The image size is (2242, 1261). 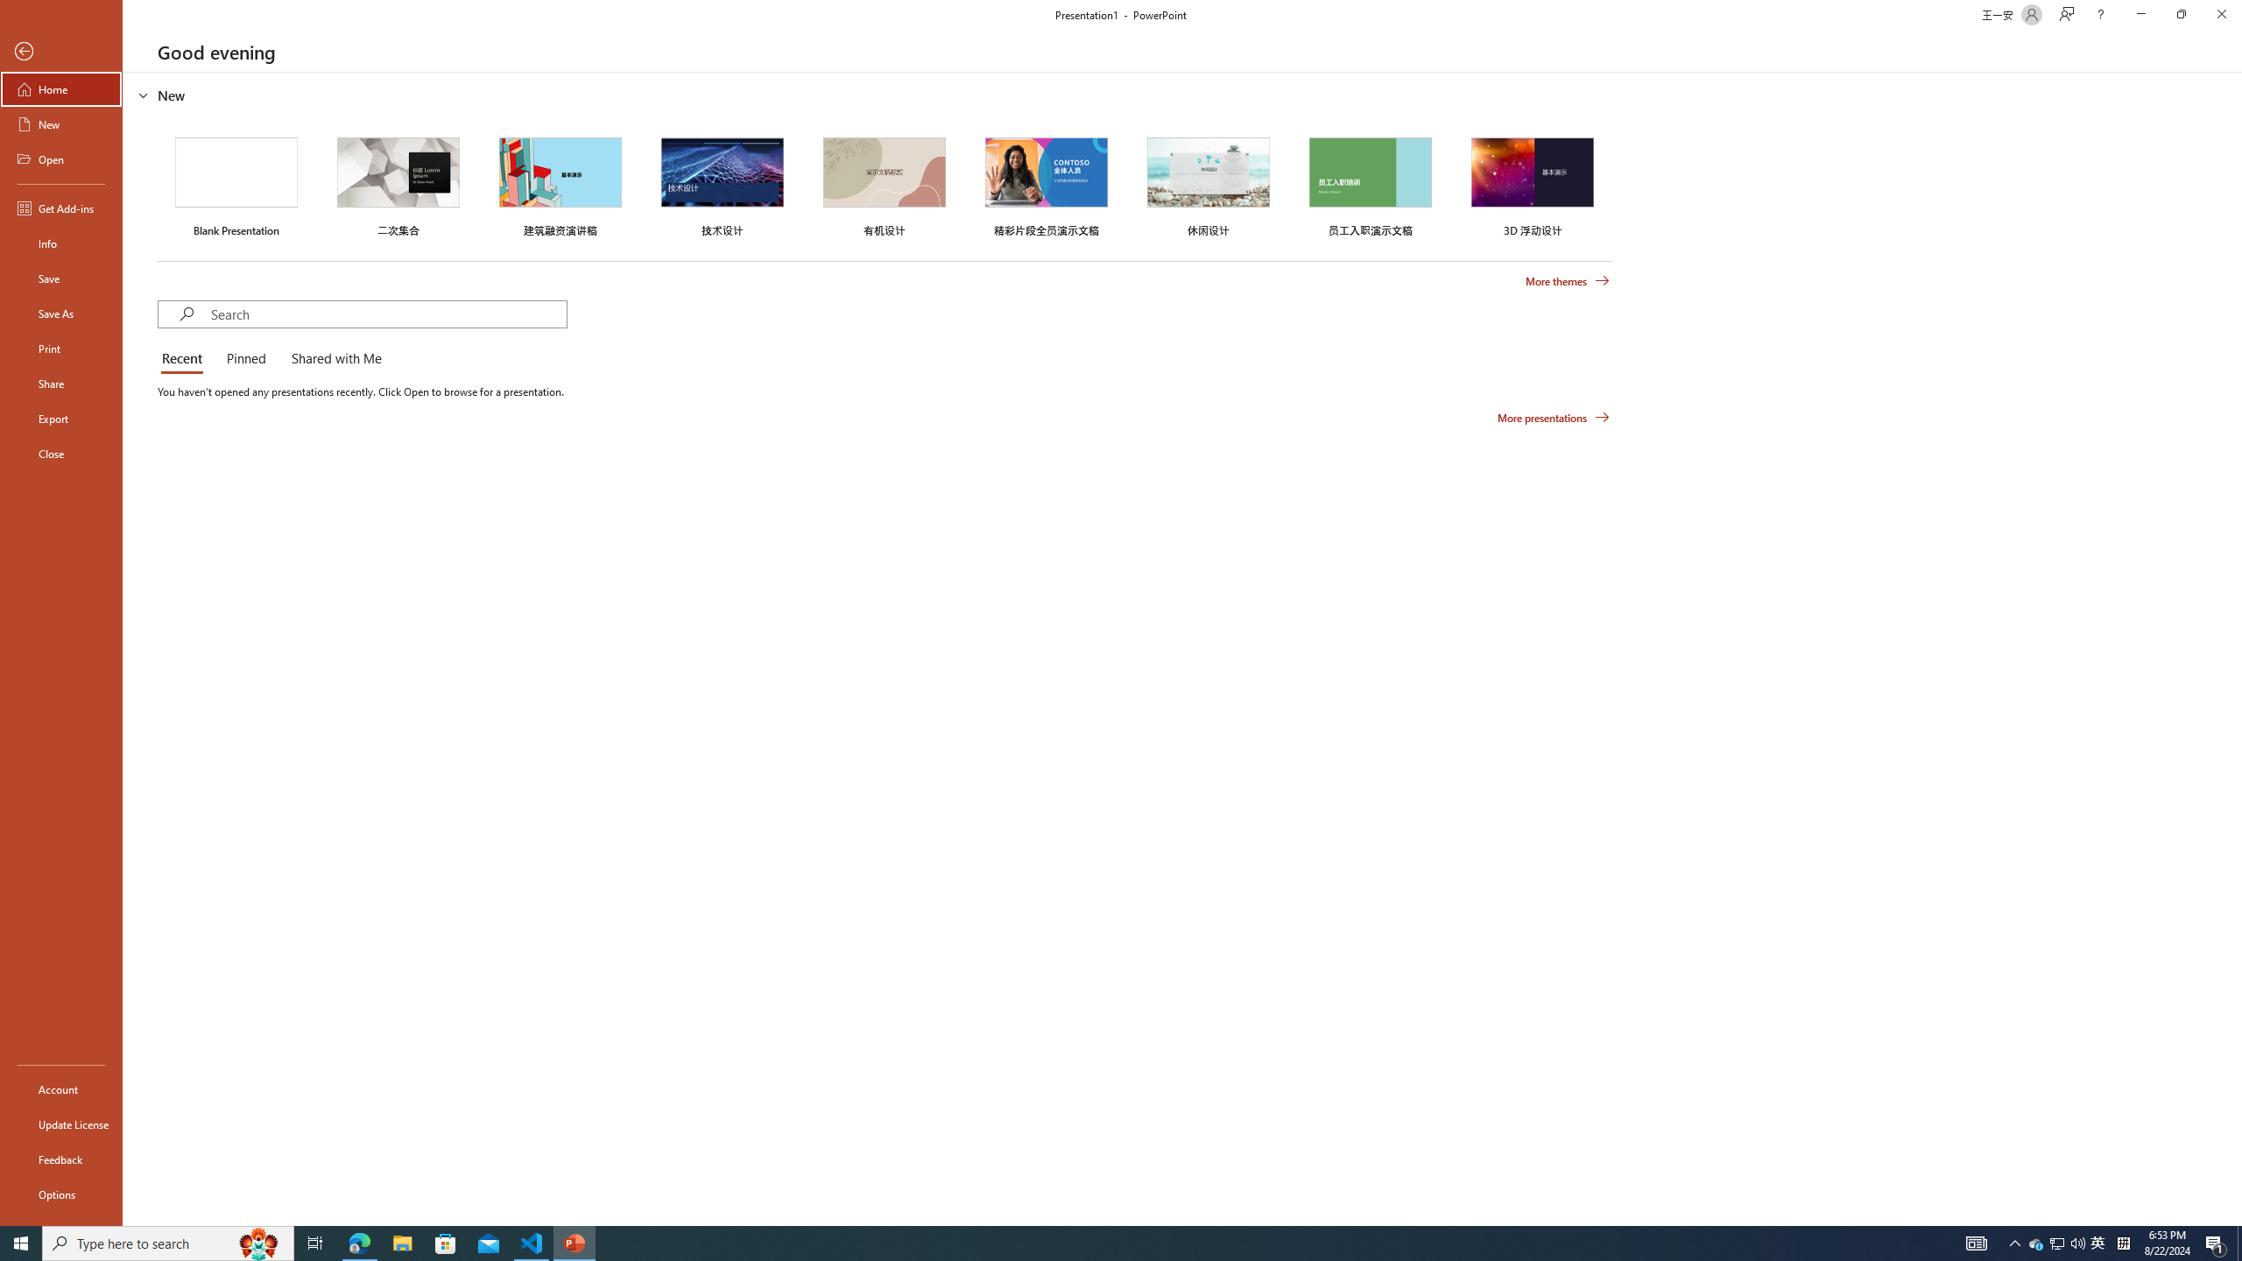 I want to click on 'Hide or show region', so click(x=143, y=94).